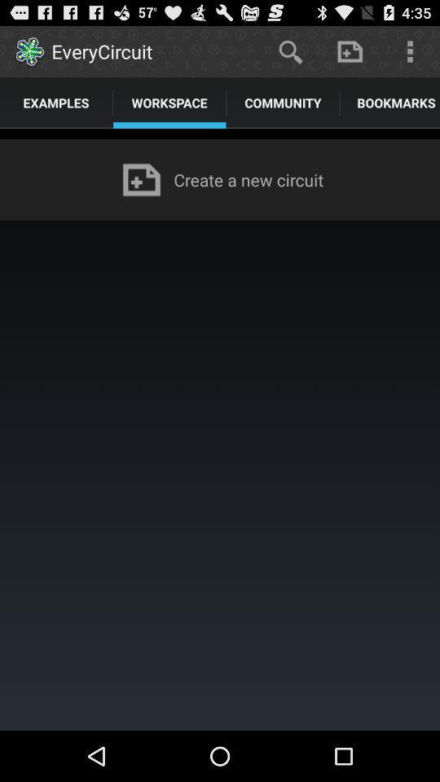 This screenshot has width=440, height=782. I want to click on the item below examples icon, so click(220, 133).